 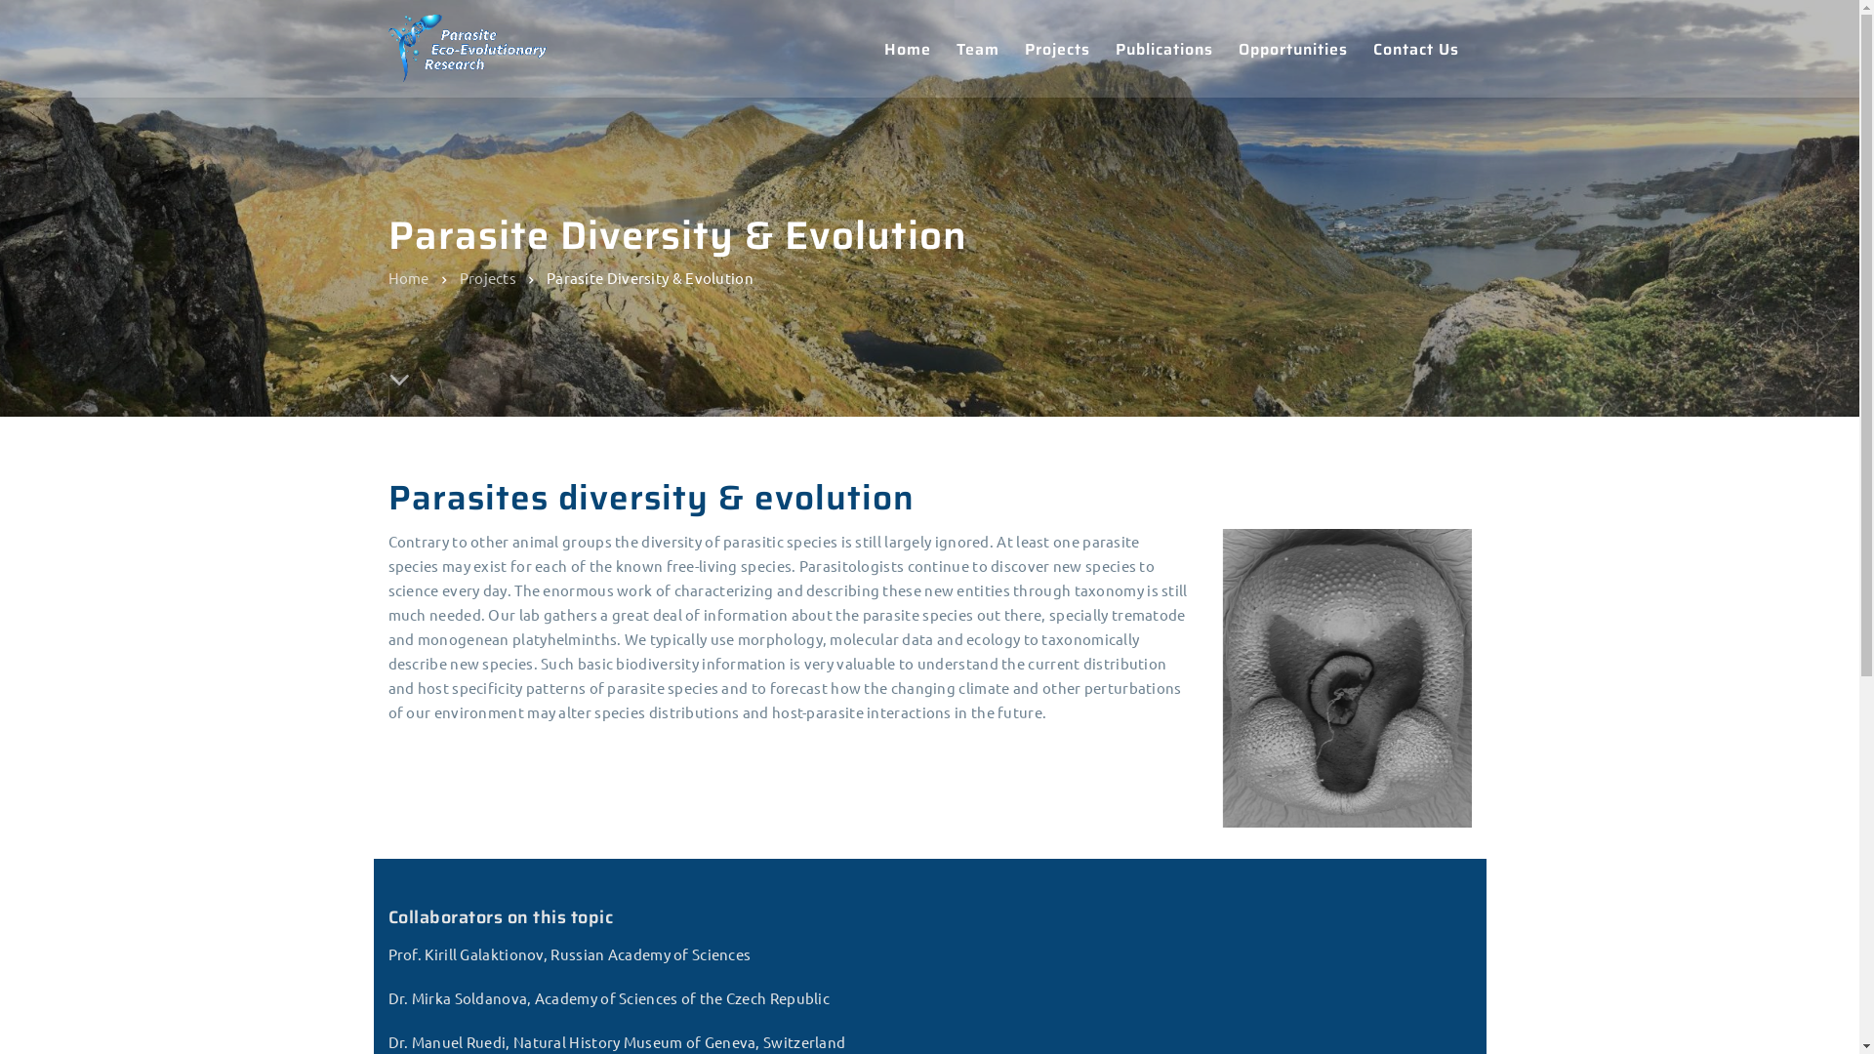 What do you see at coordinates (942, 48) in the screenshot?
I see `'Team'` at bounding box center [942, 48].